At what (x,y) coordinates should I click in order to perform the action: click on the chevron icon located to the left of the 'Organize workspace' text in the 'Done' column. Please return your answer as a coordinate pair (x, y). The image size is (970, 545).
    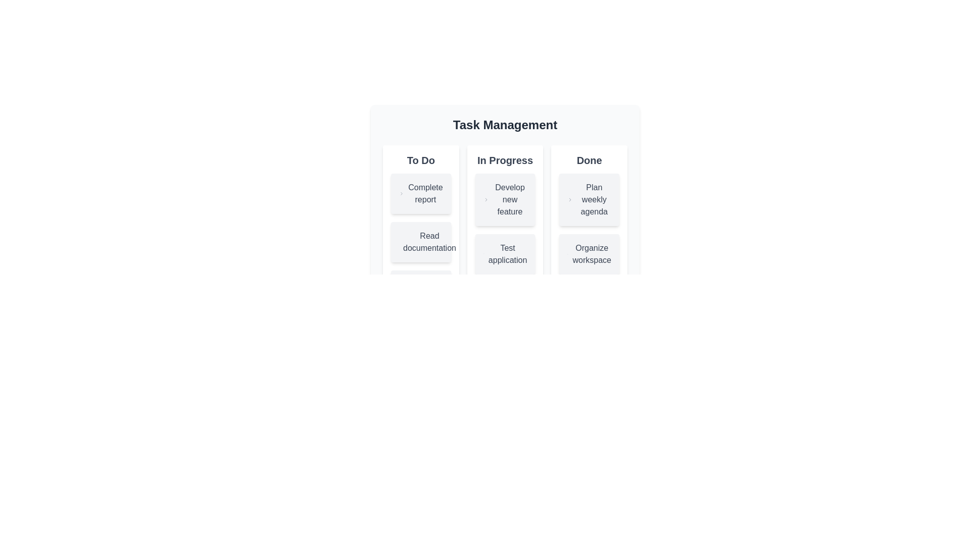
    Looking at the image, I should click on (568, 254).